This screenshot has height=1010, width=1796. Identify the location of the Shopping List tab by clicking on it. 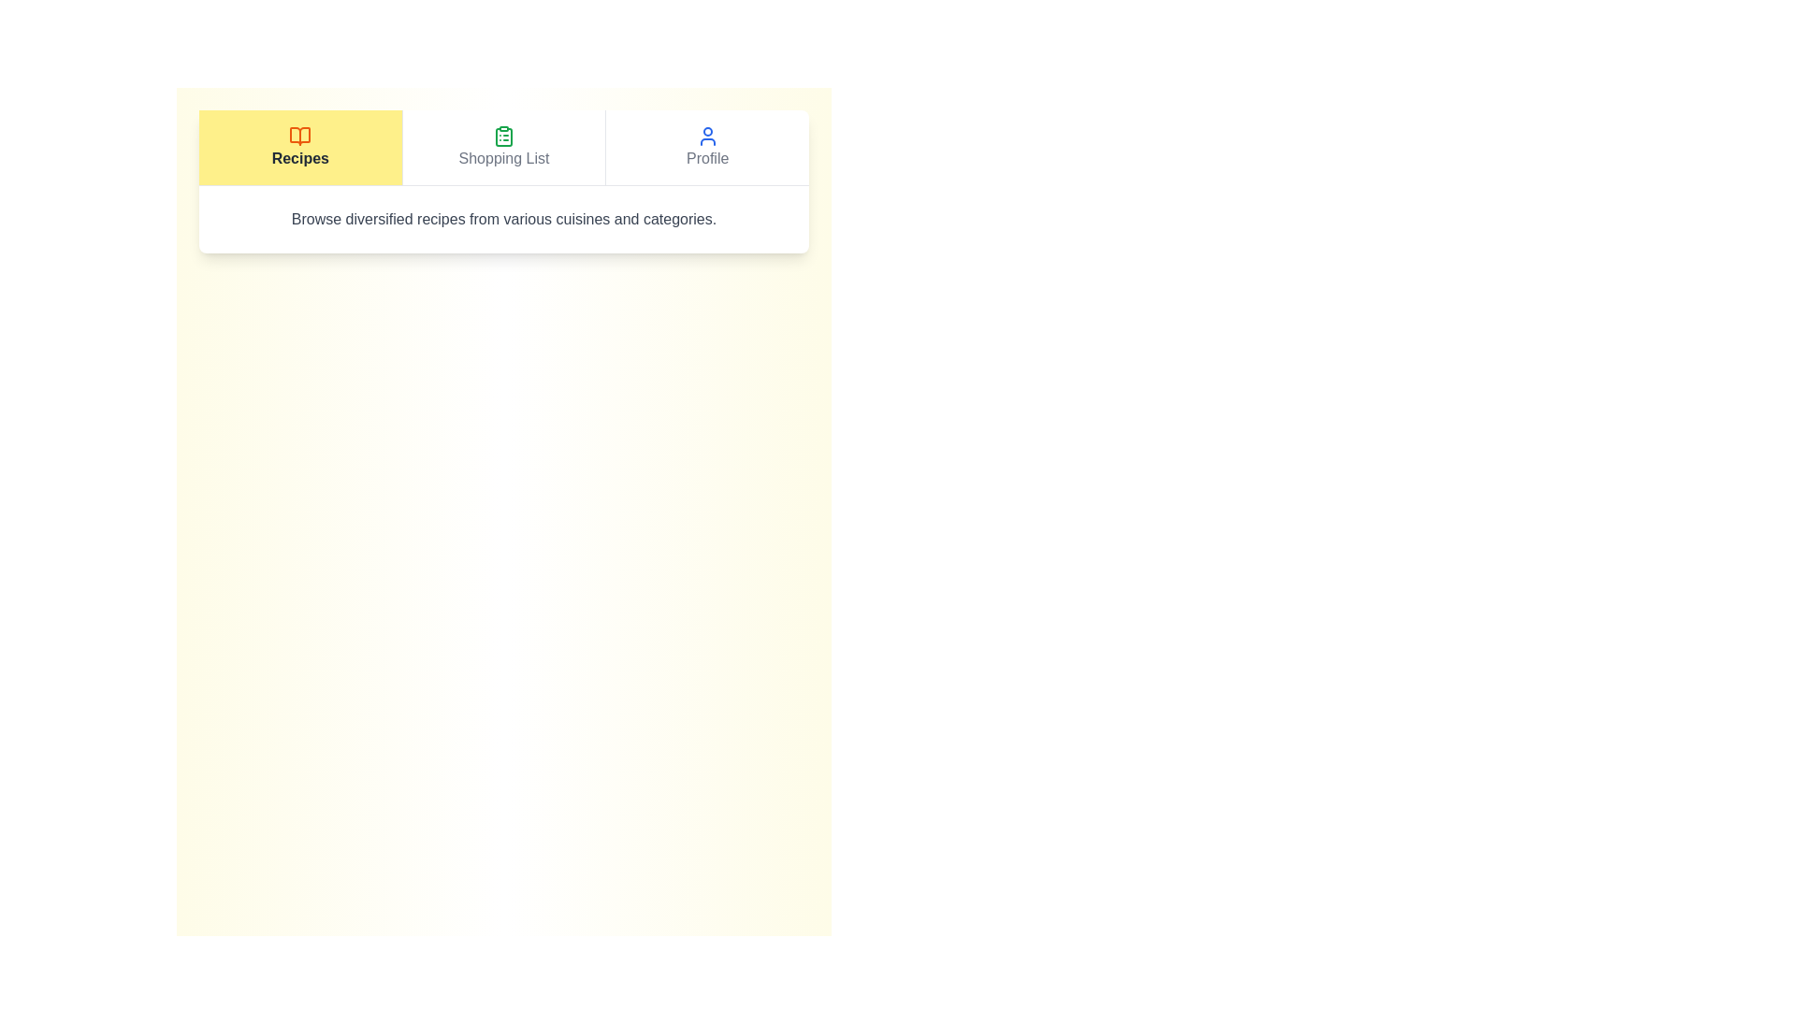
(502, 147).